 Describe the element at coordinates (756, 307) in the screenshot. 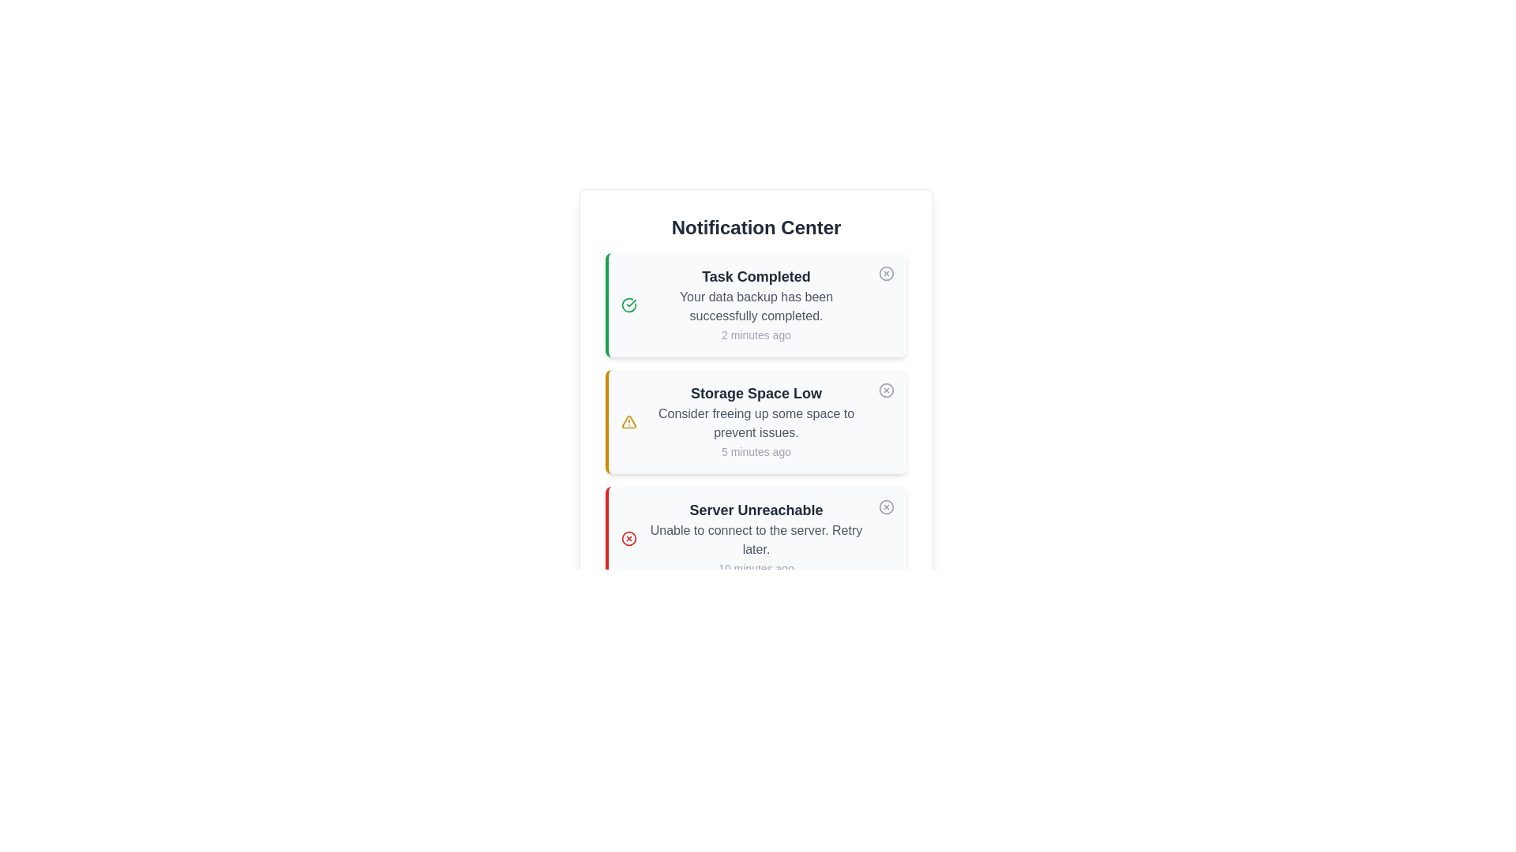

I see `static text indicating that the backup task has been successfully completed, which is located below the title 'Task Completed' in the uppermost notification card` at that location.